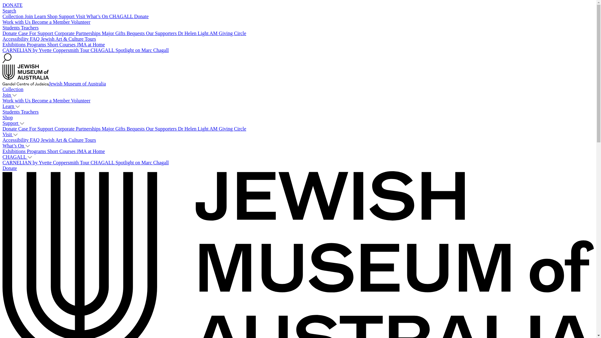 The height and width of the screenshot is (338, 601). Describe the element at coordinates (162, 128) in the screenshot. I see `'Our Supporters'` at that location.